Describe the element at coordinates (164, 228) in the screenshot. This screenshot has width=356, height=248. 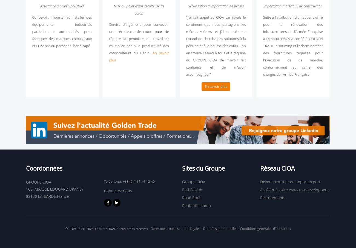
I see `'Gérer mes cookies'` at that location.